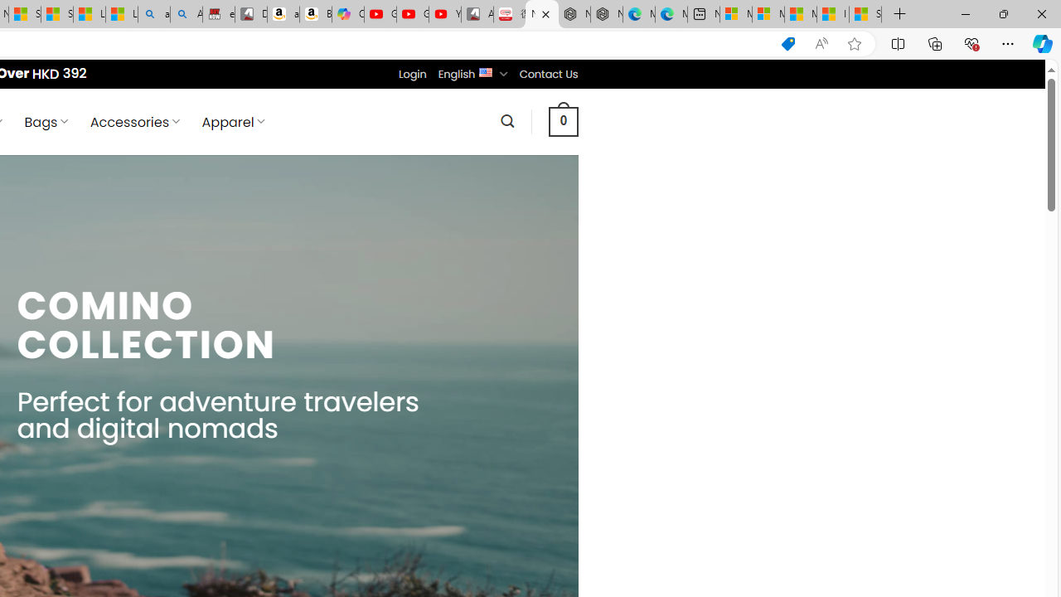 The image size is (1061, 597). Describe the element at coordinates (346, 14) in the screenshot. I see `'Copilot'` at that location.